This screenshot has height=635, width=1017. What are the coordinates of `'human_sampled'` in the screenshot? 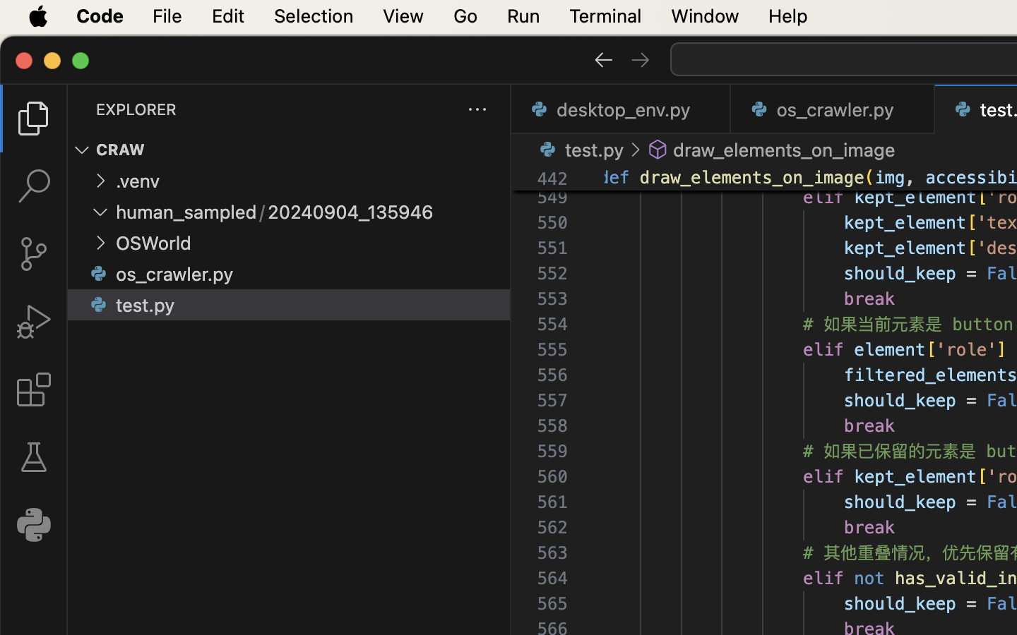 It's located at (185, 211).